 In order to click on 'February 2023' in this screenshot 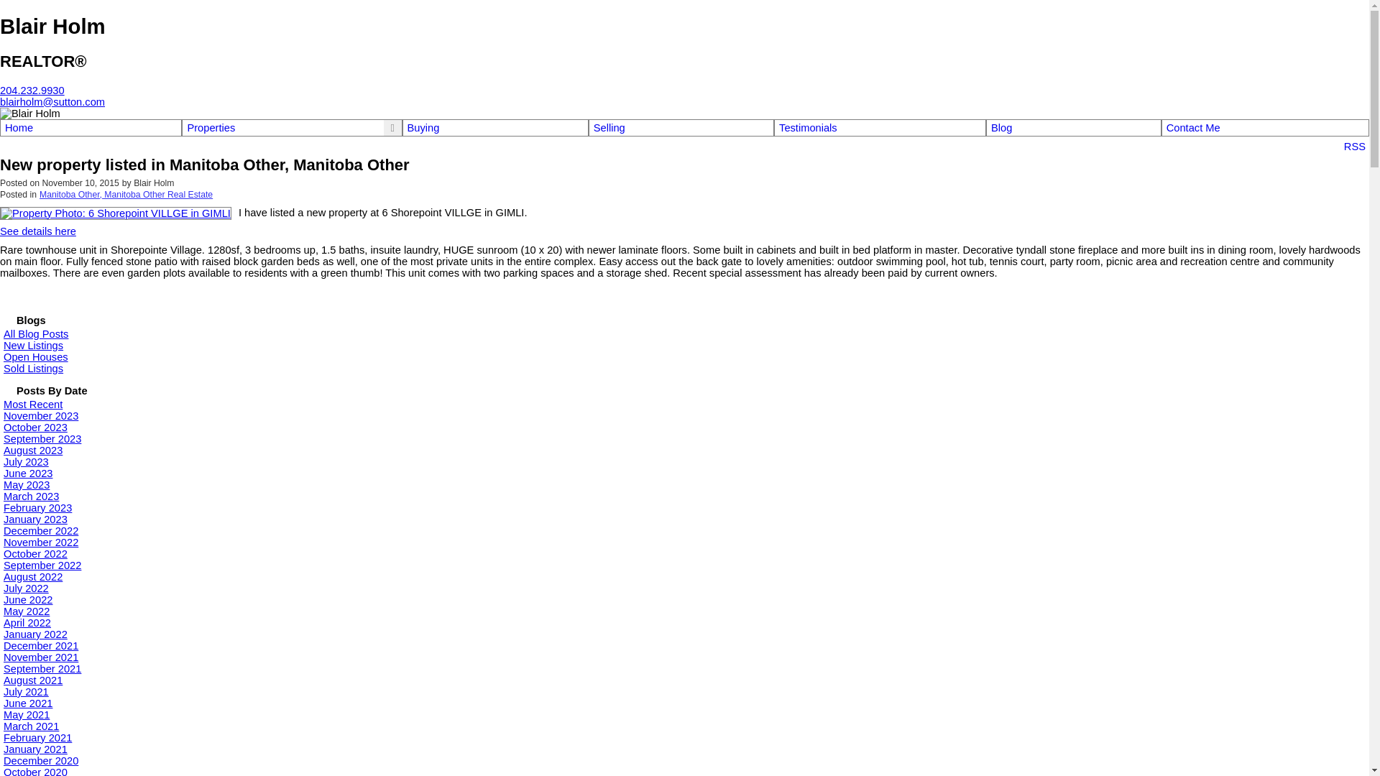, I will do `click(37, 507)`.